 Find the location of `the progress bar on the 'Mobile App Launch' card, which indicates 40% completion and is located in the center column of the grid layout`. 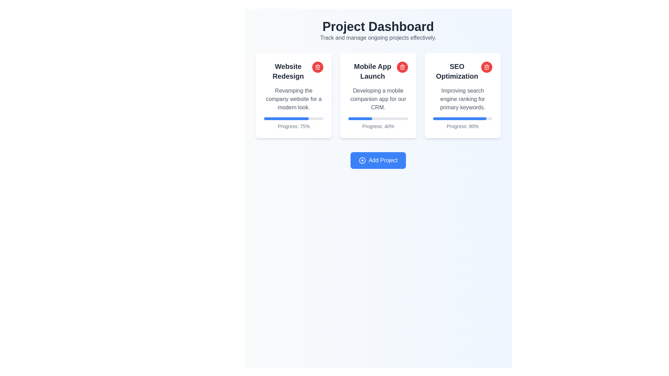

the progress bar on the 'Mobile App Launch' card, which indicates 40% completion and is located in the center column of the grid layout is located at coordinates (378, 95).